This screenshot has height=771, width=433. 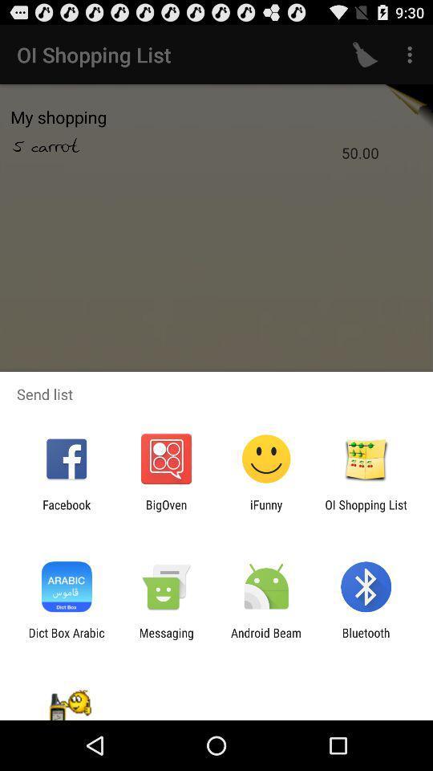 What do you see at coordinates (165, 511) in the screenshot?
I see `icon to the right of facebook item` at bounding box center [165, 511].